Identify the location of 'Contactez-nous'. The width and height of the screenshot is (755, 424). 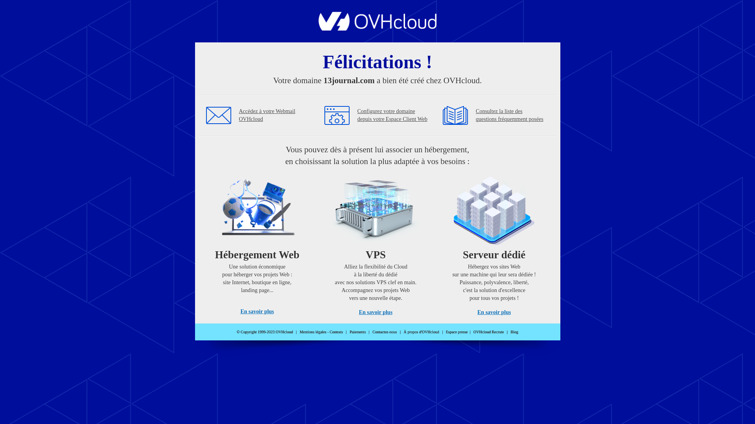
(385, 332).